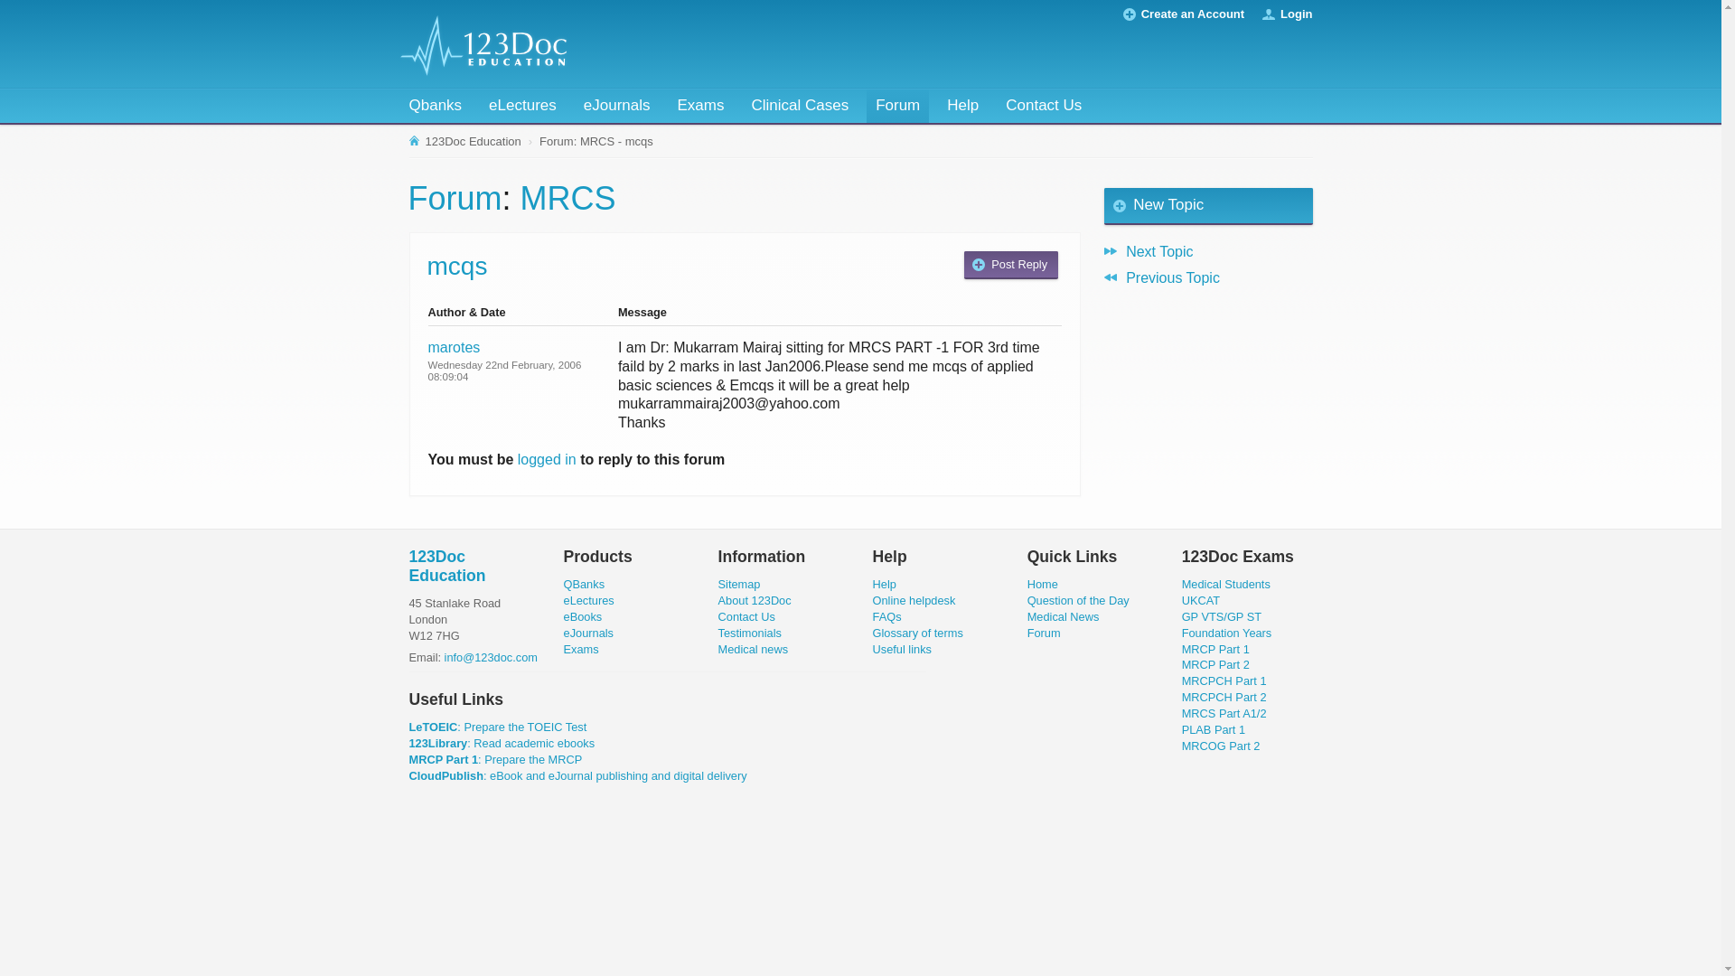 The width and height of the screenshot is (1735, 976). I want to click on 'info@123doc.com', so click(444, 657).